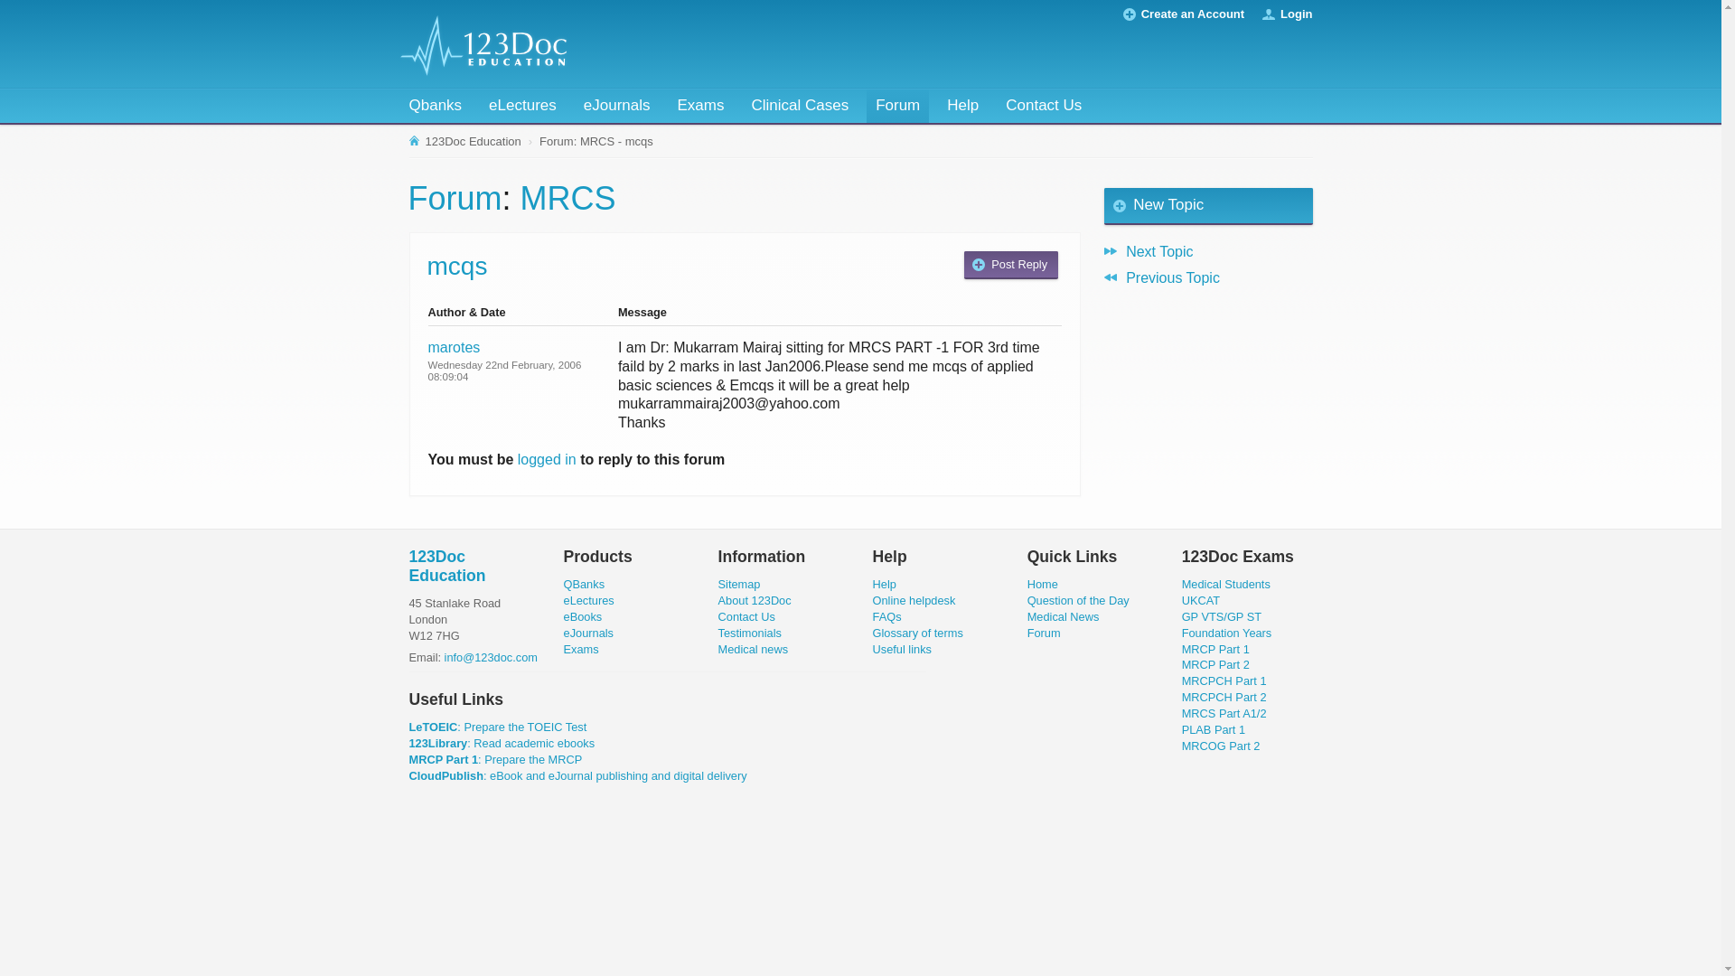 The width and height of the screenshot is (1735, 976). I want to click on 'info@123doc.com', so click(444, 657).